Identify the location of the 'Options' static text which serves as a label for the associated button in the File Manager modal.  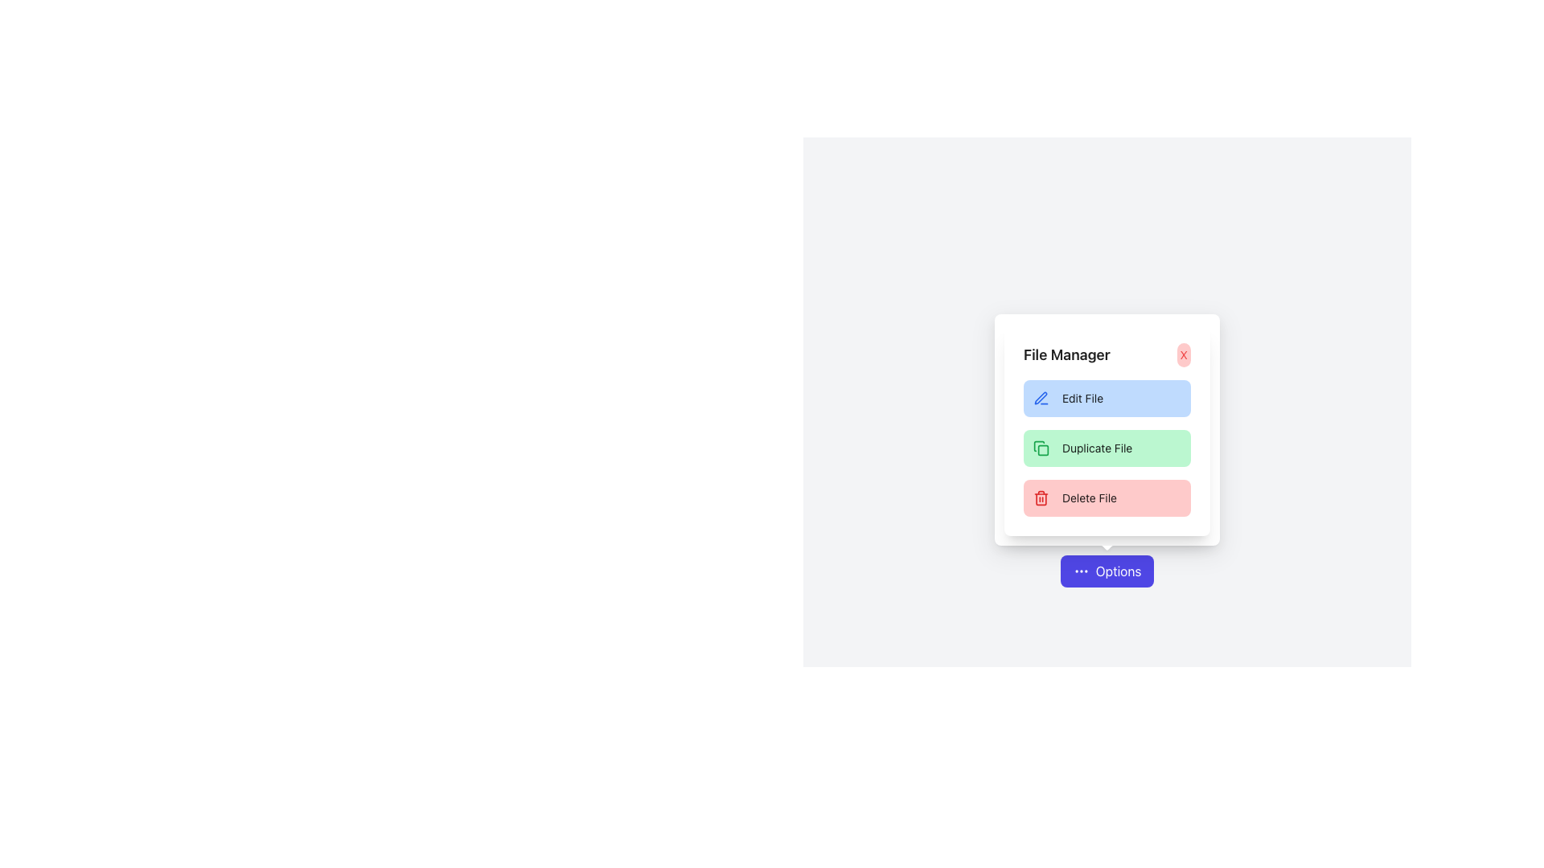
(1118, 570).